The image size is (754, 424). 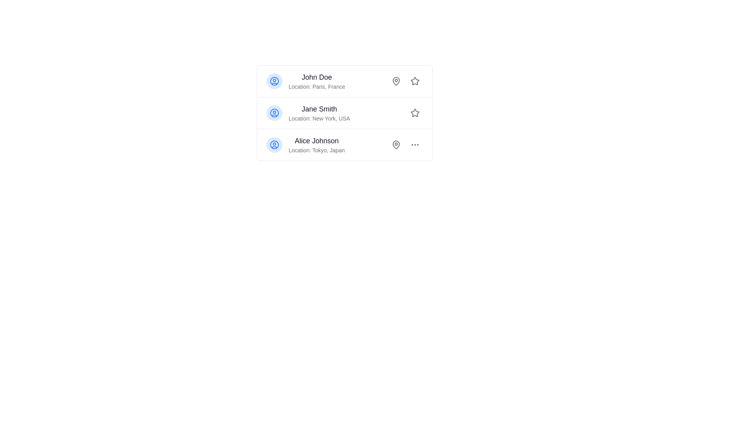 What do you see at coordinates (414, 113) in the screenshot?
I see `the star icon located in the second row, to the right of the text 'Jane Smith' and 'Location: New York, USA'` at bounding box center [414, 113].